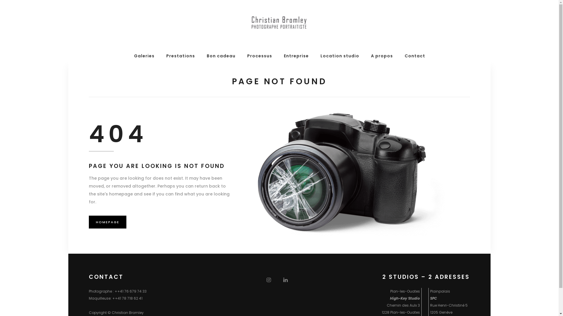 The height and width of the screenshot is (316, 563). I want to click on 'Location studio', so click(314, 56).